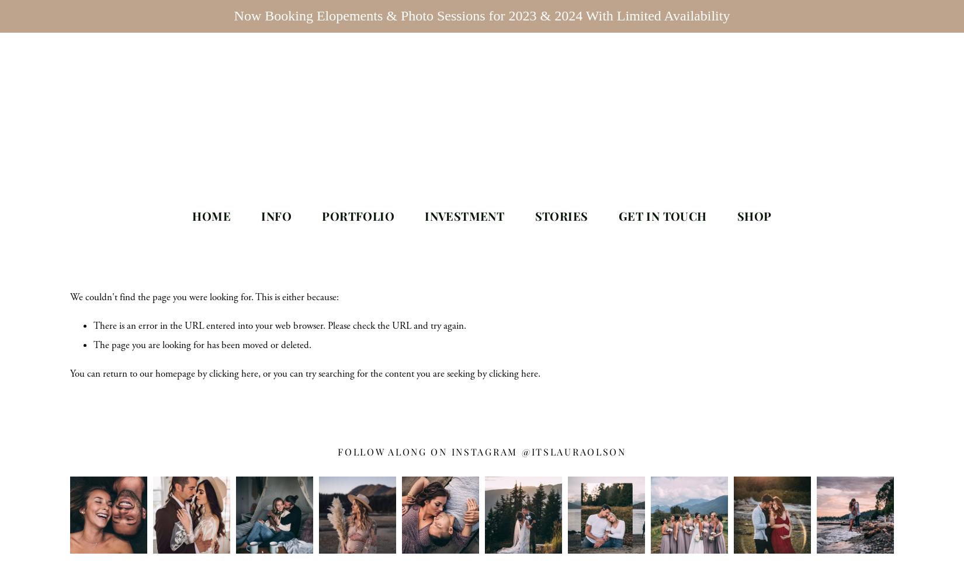 Image resolution: width=964 pixels, height=584 pixels. What do you see at coordinates (202, 344) in the screenshot?
I see `'The page you are looking for has been moved or deleted.'` at bounding box center [202, 344].